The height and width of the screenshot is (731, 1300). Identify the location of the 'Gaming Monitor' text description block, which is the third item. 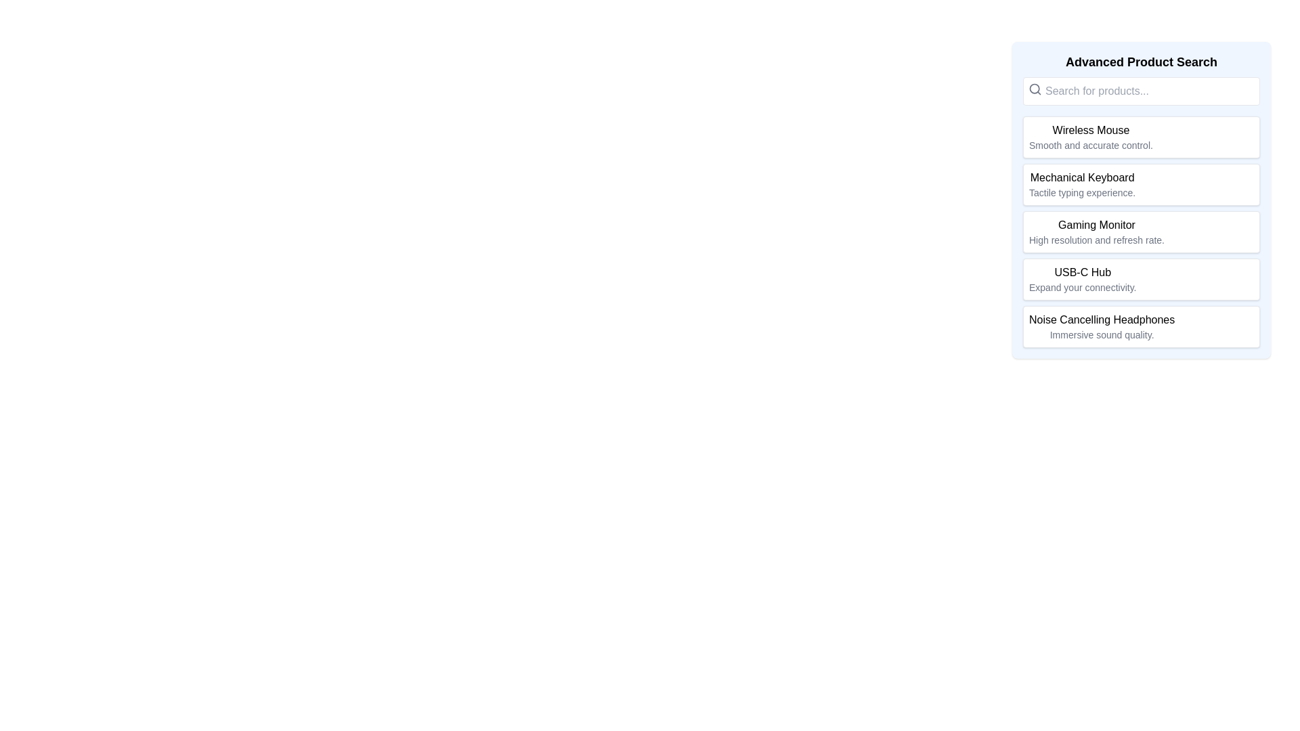
(1140, 231).